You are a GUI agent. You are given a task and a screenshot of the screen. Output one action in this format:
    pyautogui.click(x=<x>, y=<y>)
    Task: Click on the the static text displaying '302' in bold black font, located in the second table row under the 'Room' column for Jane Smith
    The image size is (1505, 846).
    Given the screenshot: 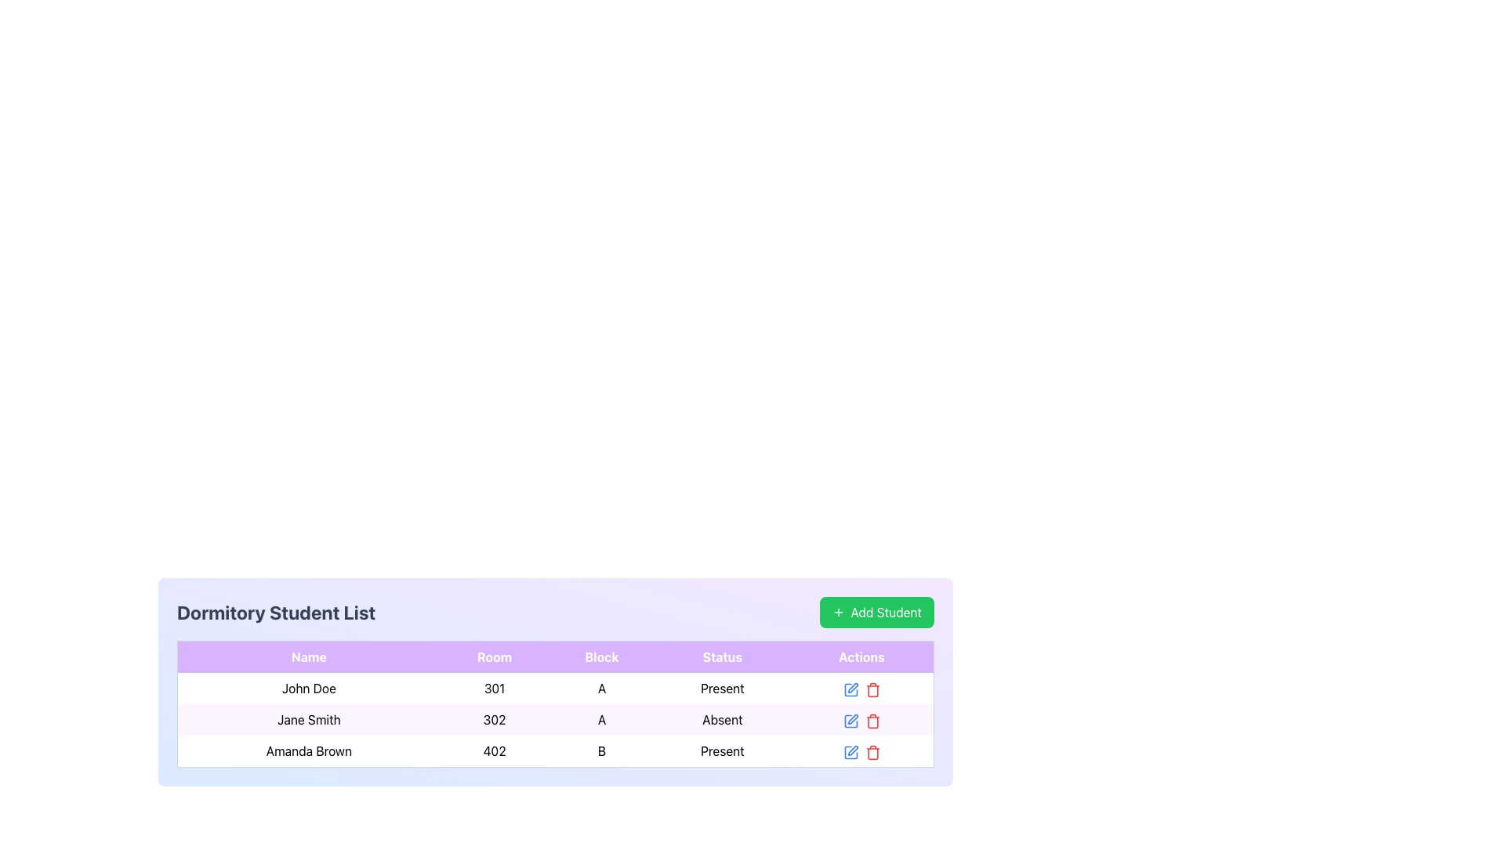 What is the action you would take?
    pyautogui.click(x=494, y=719)
    